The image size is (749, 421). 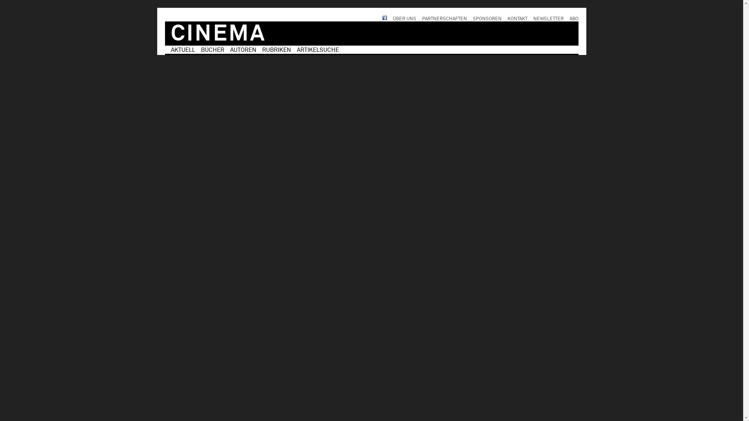 What do you see at coordinates (532, 19) in the screenshot?
I see `'NEWSLETTER'` at bounding box center [532, 19].